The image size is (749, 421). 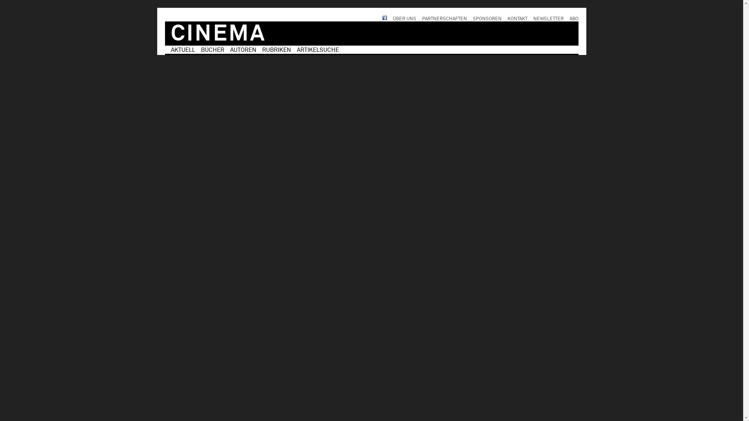 What do you see at coordinates (532, 19) in the screenshot?
I see `'NEWSLETTER'` at bounding box center [532, 19].